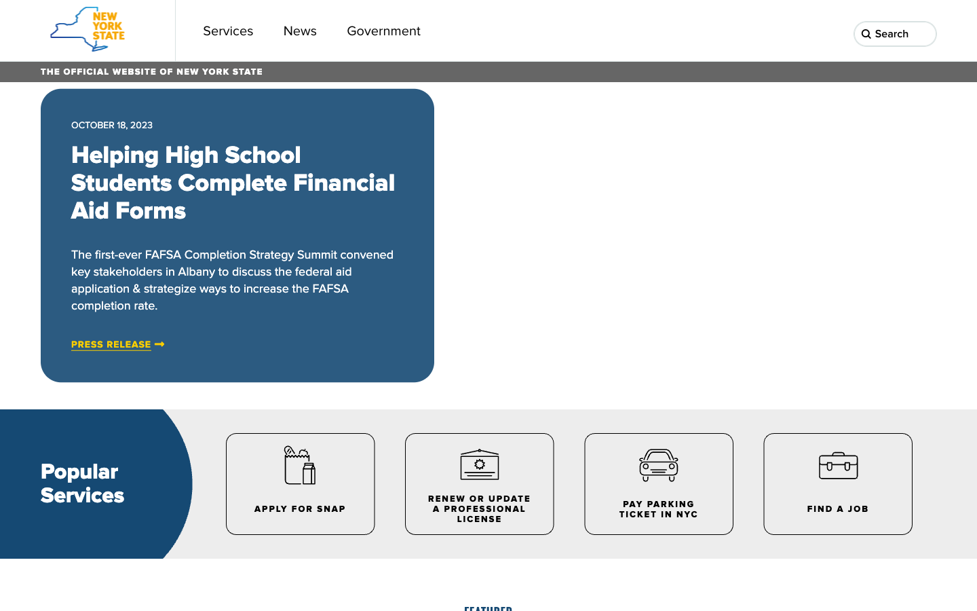 The image size is (977, 611). Describe the element at coordinates (160228, 310693) in the screenshot. I see `the press release tab on the webpage` at that location.